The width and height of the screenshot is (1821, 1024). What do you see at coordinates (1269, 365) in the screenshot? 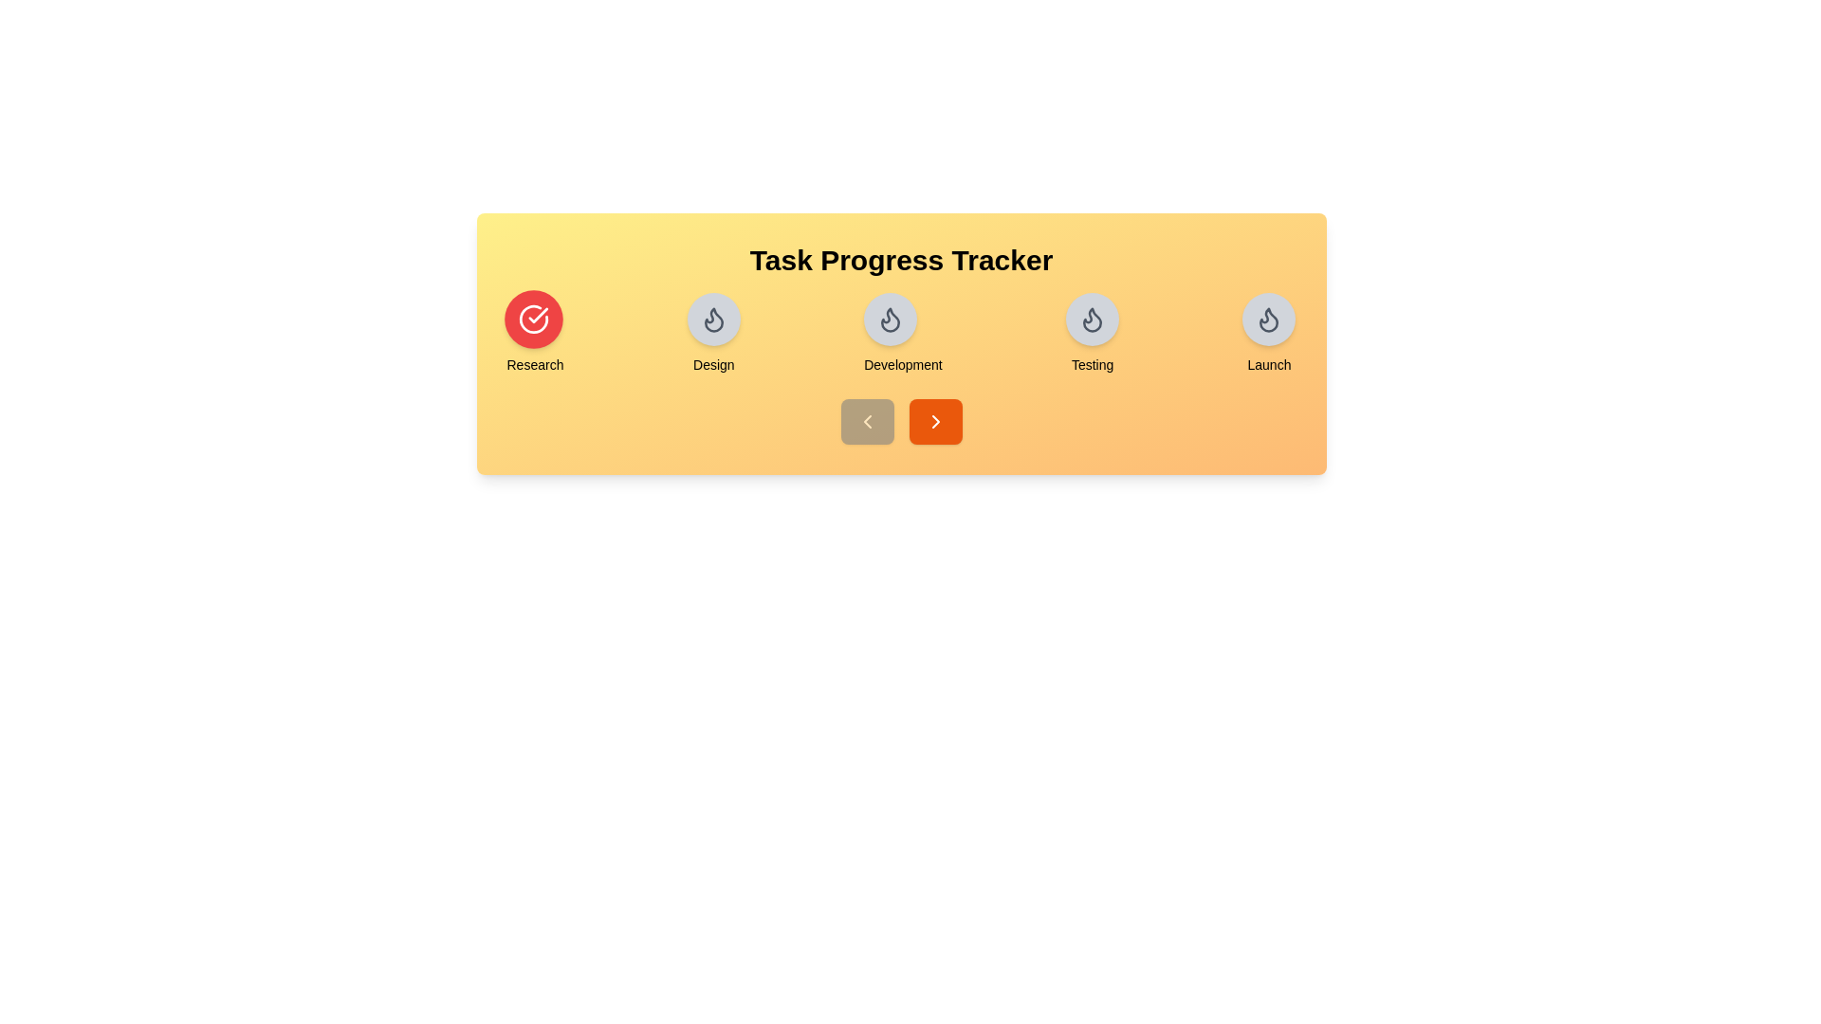
I see `text label displaying 'Launch' located beneath the flame icon within the task progress tracker interface` at bounding box center [1269, 365].